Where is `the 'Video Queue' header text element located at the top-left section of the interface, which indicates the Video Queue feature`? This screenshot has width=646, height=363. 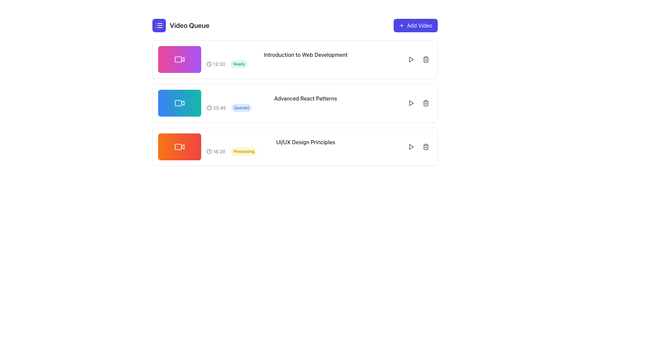
the 'Video Queue' header text element located at the top-left section of the interface, which indicates the Video Queue feature is located at coordinates (189, 25).